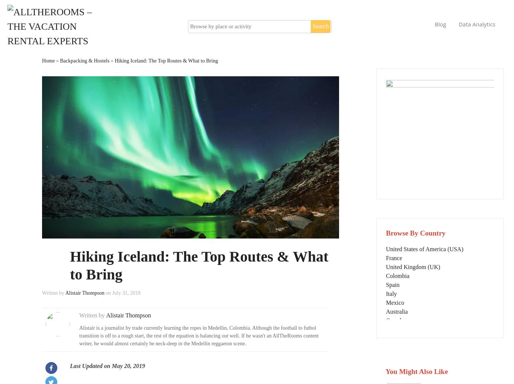 The image size is (514, 384). I want to click on 'Brazil', so click(386, 355).